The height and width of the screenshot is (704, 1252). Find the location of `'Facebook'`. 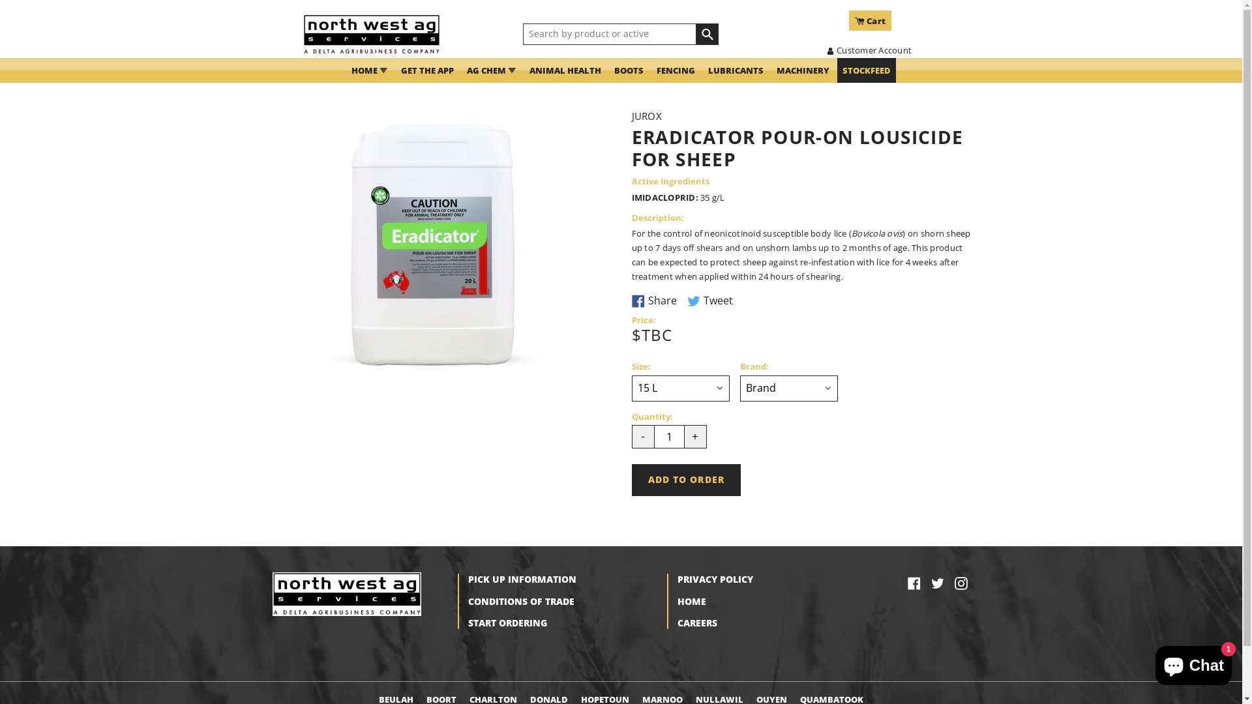

'Facebook' is located at coordinates (913, 581).